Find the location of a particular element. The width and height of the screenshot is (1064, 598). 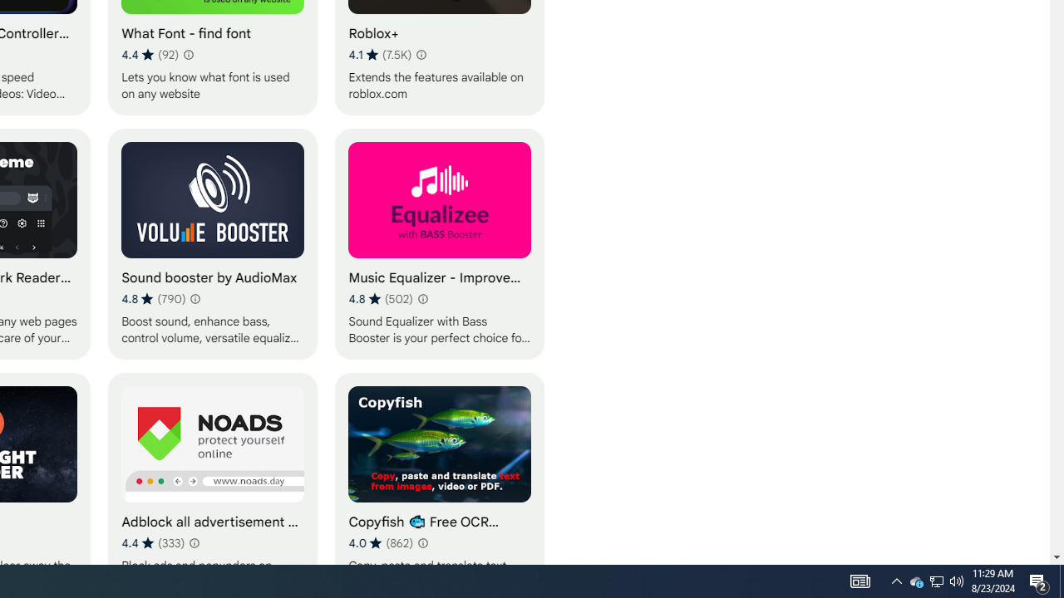

'Average rating 4.0 out of 5 stars. 862 ratings.' is located at coordinates (380, 542).